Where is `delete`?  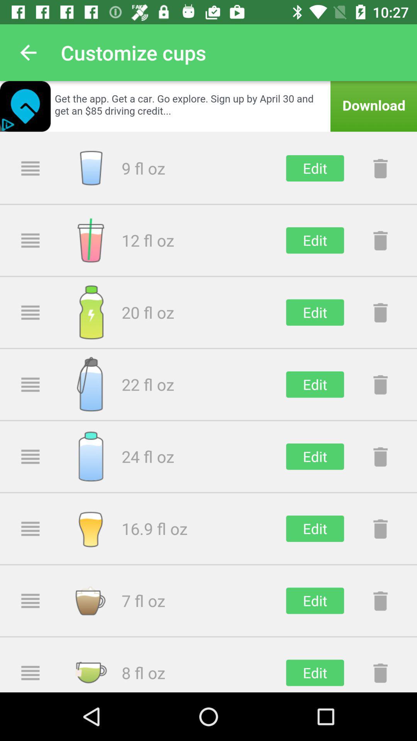 delete is located at coordinates (380, 384).